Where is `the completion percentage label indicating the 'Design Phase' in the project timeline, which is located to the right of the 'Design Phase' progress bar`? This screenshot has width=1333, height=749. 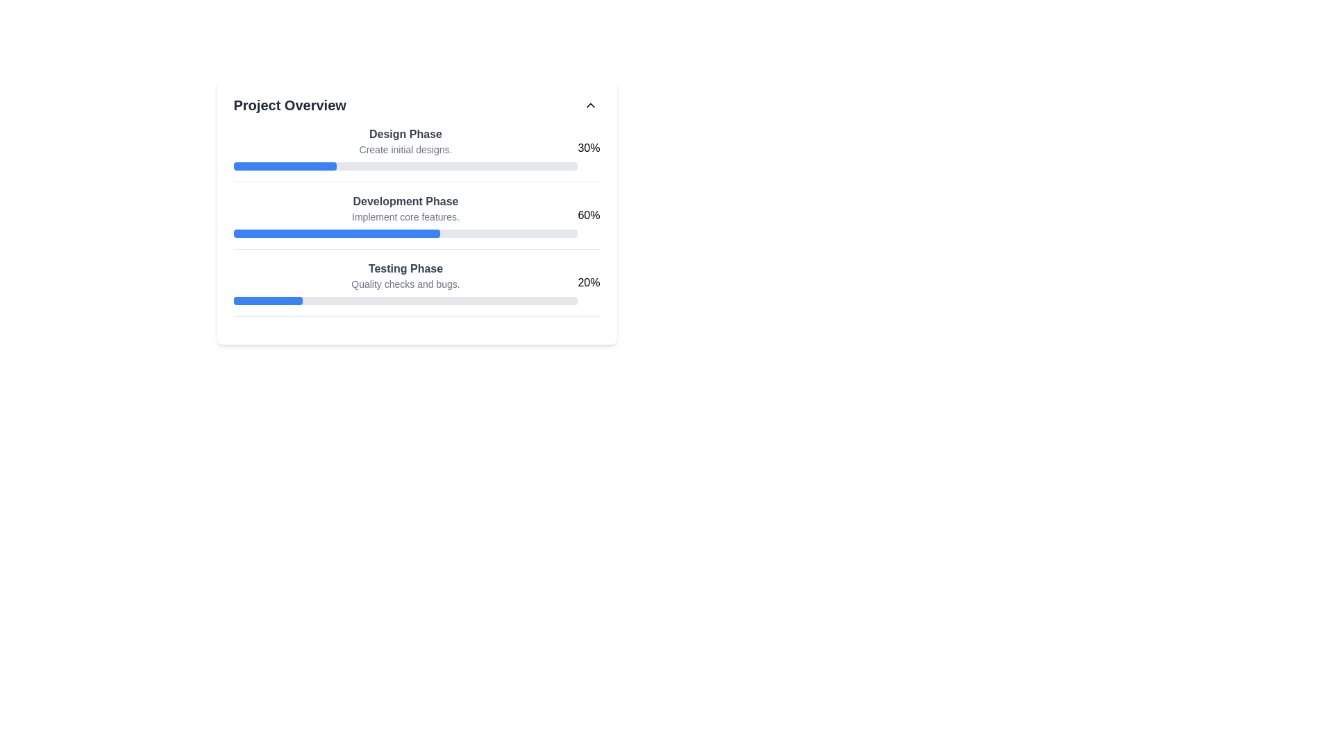 the completion percentage label indicating the 'Design Phase' in the project timeline, which is located to the right of the 'Design Phase' progress bar is located at coordinates (589, 148).